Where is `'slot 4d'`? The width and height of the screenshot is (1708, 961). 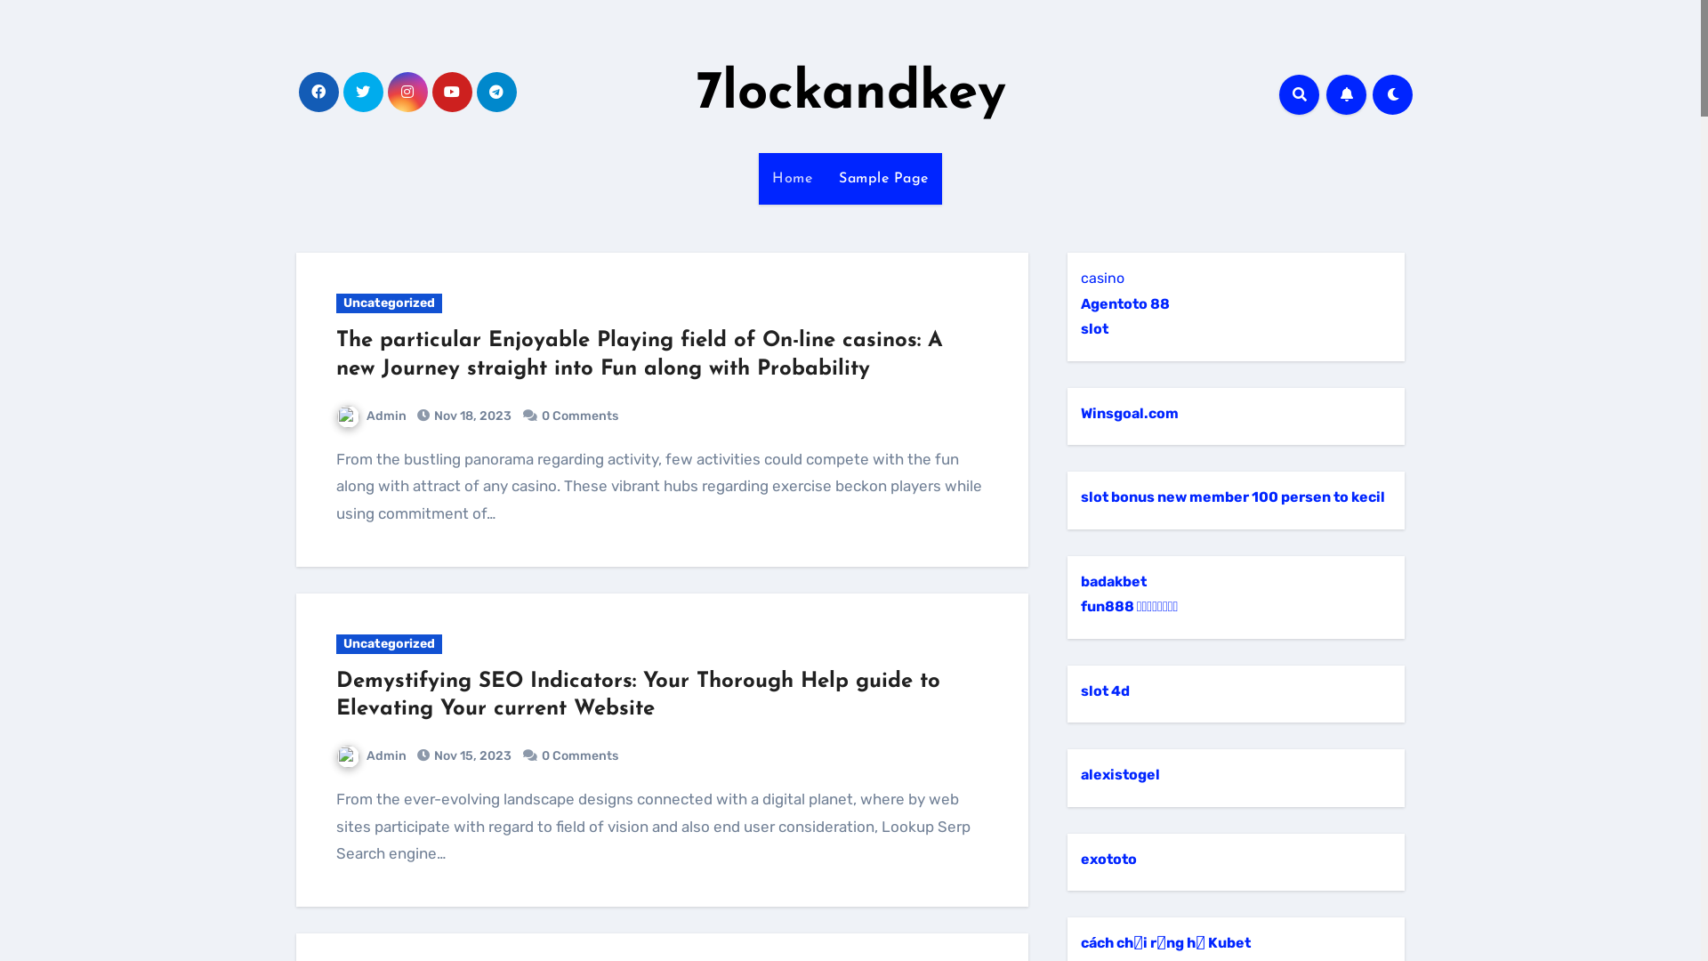 'slot 4d' is located at coordinates (1079, 690).